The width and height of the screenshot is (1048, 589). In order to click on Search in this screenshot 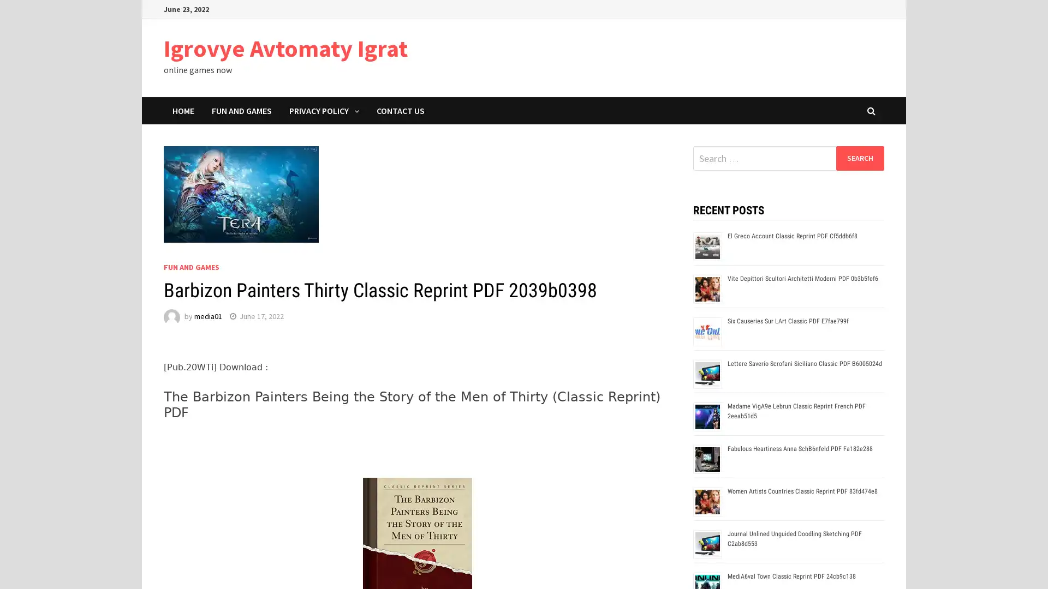, I will do `click(859, 158)`.